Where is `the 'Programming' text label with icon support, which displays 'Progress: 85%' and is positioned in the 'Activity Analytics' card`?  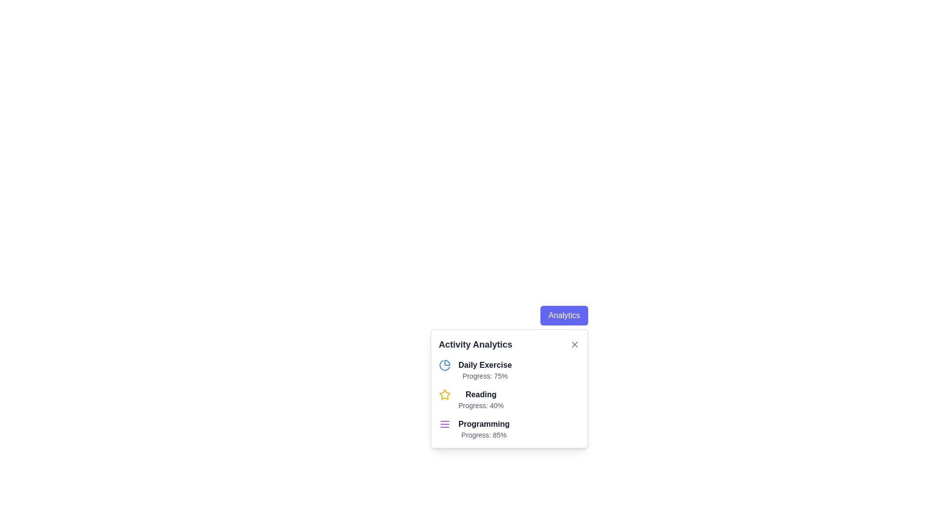
the 'Programming' text label with icon support, which displays 'Progress: 85%' and is positioned in the 'Activity Analytics' card is located at coordinates (509, 428).